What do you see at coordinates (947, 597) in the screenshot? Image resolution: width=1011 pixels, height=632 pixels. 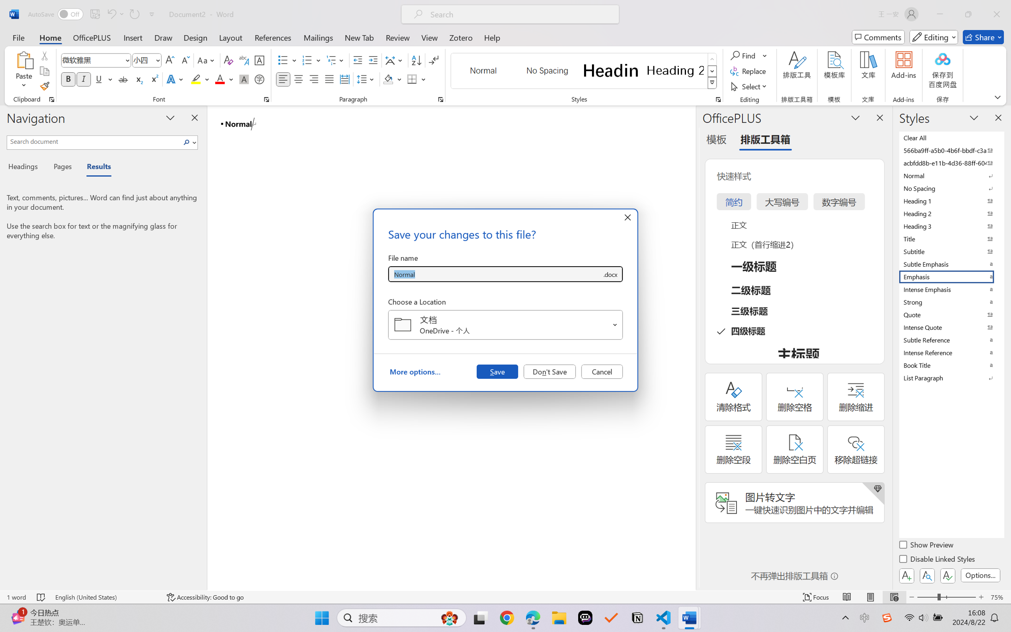 I see `'Zoom'` at bounding box center [947, 597].